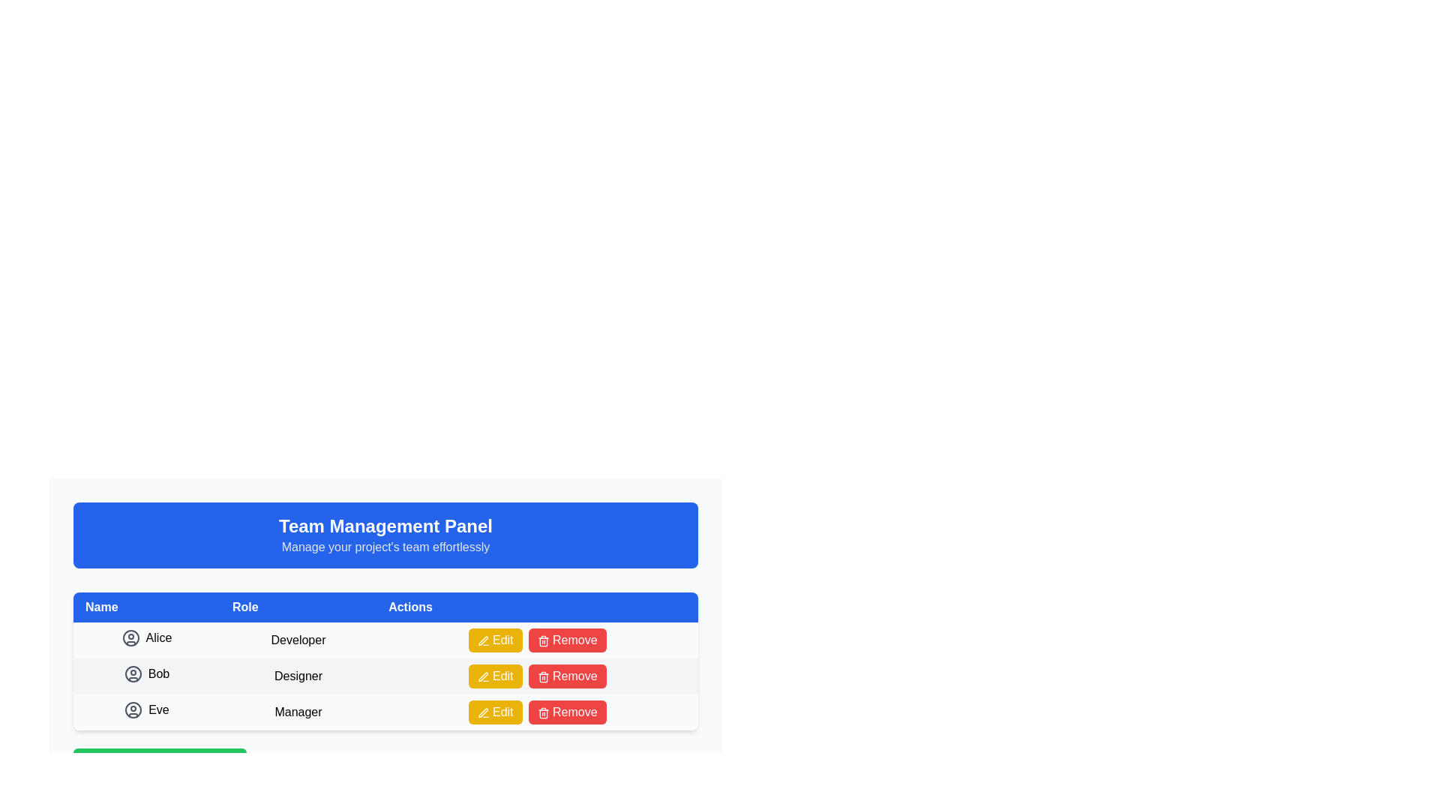 The height and width of the screenshot is (810, 1440). What do you see at coordinates (130, 637) in the screenshot?
I see `the user icon representing 'Alice' in the first row of the table under the 'Name' column` at bounding box center [130, 637].